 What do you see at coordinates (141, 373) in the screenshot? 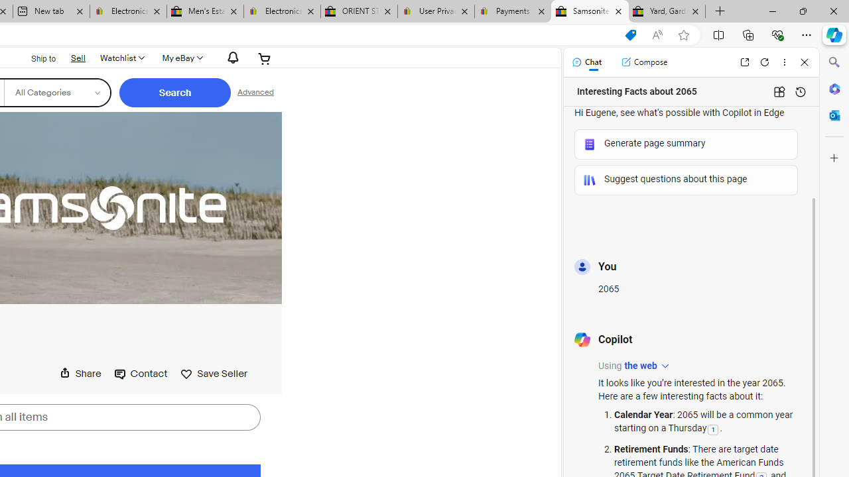
I see `'Contact'` at bounding box center [141, 373].